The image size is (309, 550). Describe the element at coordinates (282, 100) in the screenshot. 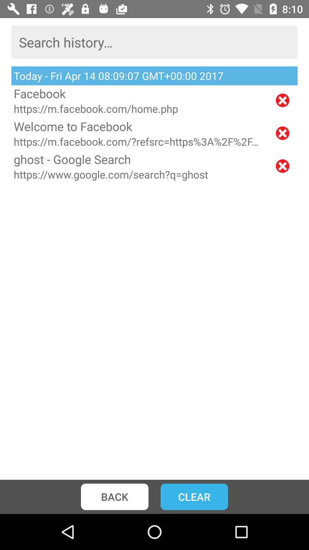

I see `delete history website` at that location.